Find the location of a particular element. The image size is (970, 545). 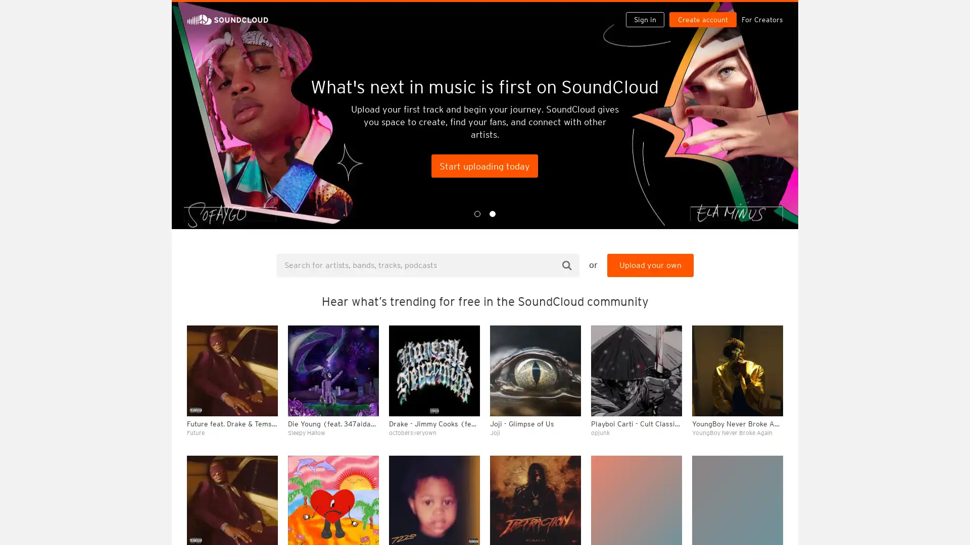

Sign in is located at coordinates (644, 19).